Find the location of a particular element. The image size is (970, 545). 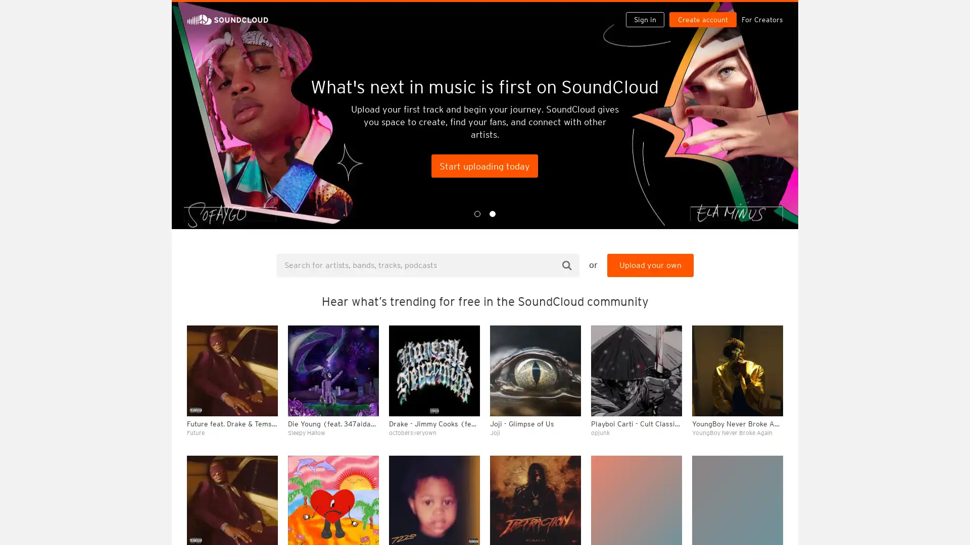

Sign in is located at coordinates (644, 19).